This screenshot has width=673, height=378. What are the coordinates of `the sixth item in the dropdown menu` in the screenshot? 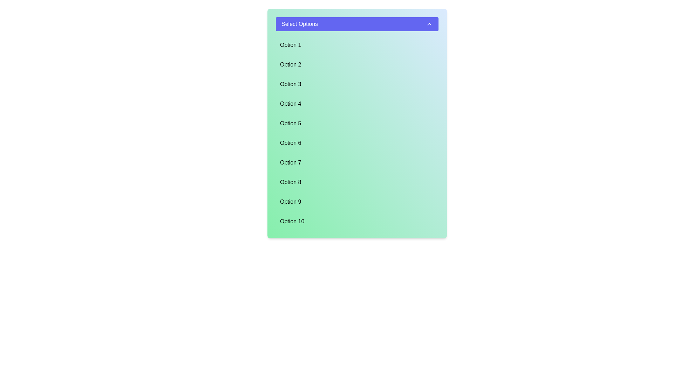 It's located at (357, 142).